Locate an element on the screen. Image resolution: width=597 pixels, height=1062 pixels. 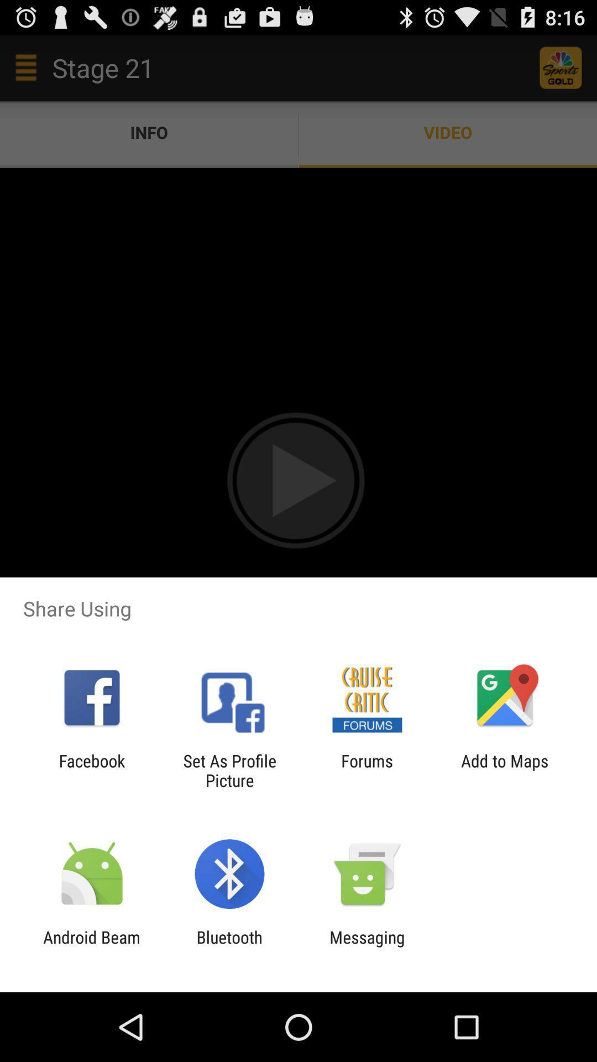
the item next to the set as profile is located at coordinates (367, 770).